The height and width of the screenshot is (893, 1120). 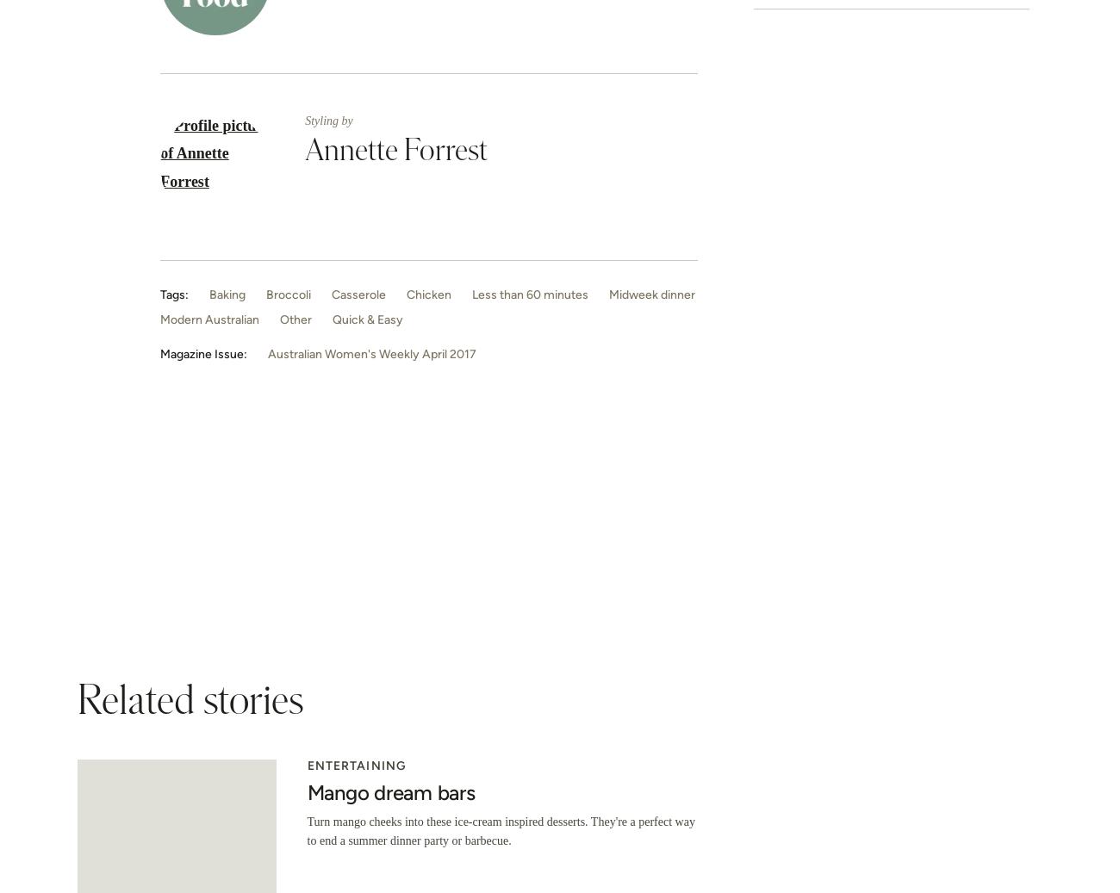 What do you see at coordinates (174, 293) in the screenshot?
I see `'Tags:'` at bounding box center [174, 293].